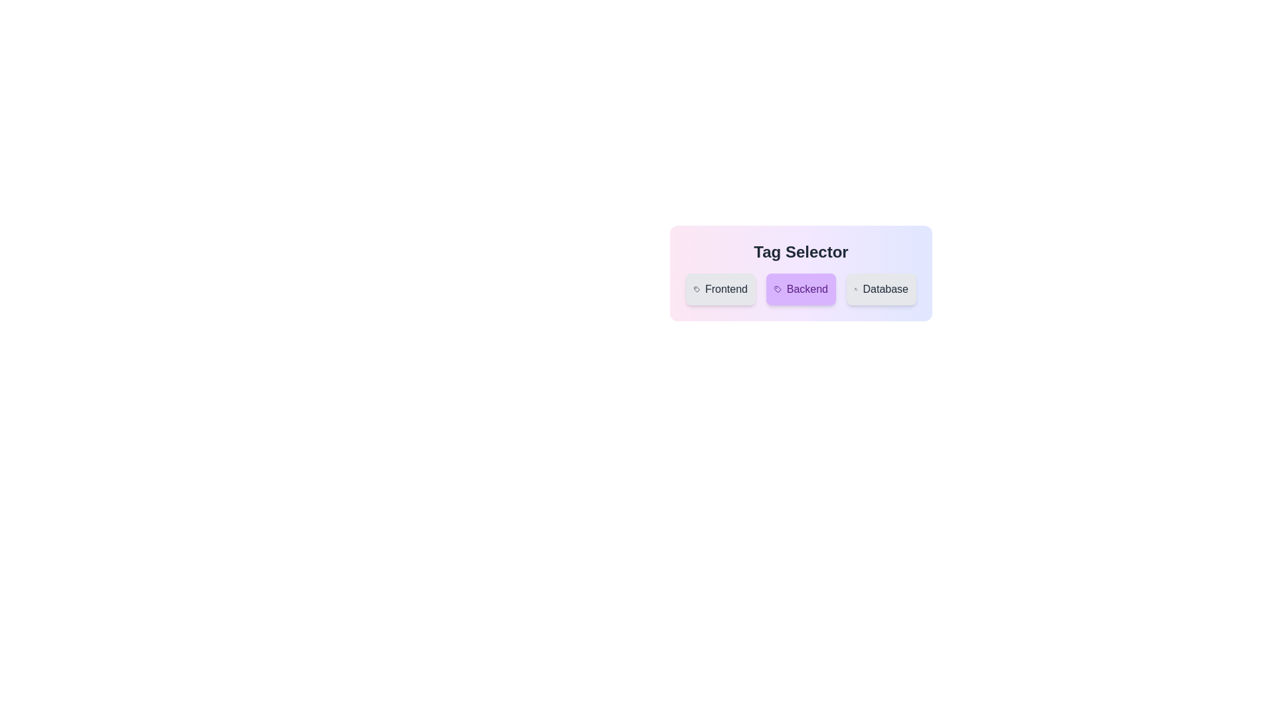 The width and height of the screenshot is (1275, 717). What do you see at coordinates (881, 288) in the screenshot?
I see `the tag Database` at bounding box center [881, 288].